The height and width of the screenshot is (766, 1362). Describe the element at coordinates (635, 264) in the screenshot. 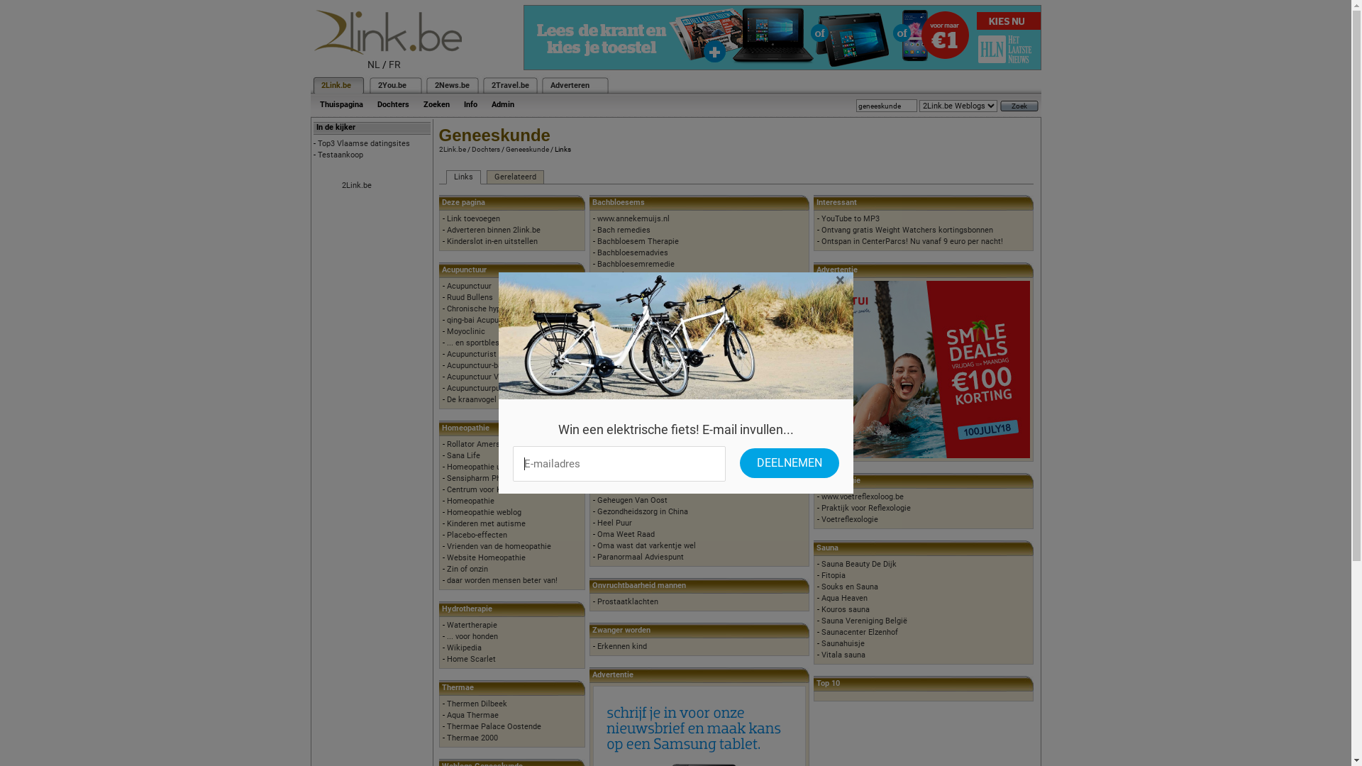

I see `'Bachbloesemremedie'` at that location.